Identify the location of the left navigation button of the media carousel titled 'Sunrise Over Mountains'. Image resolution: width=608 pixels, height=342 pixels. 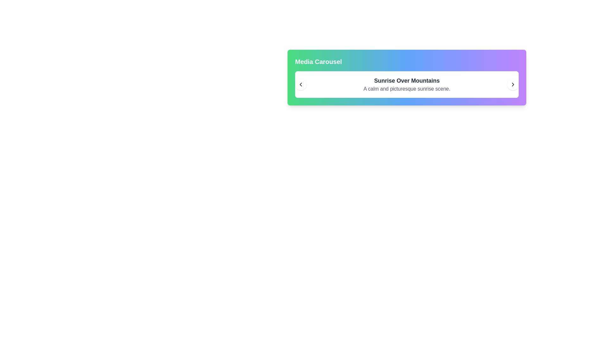
(301, 84).